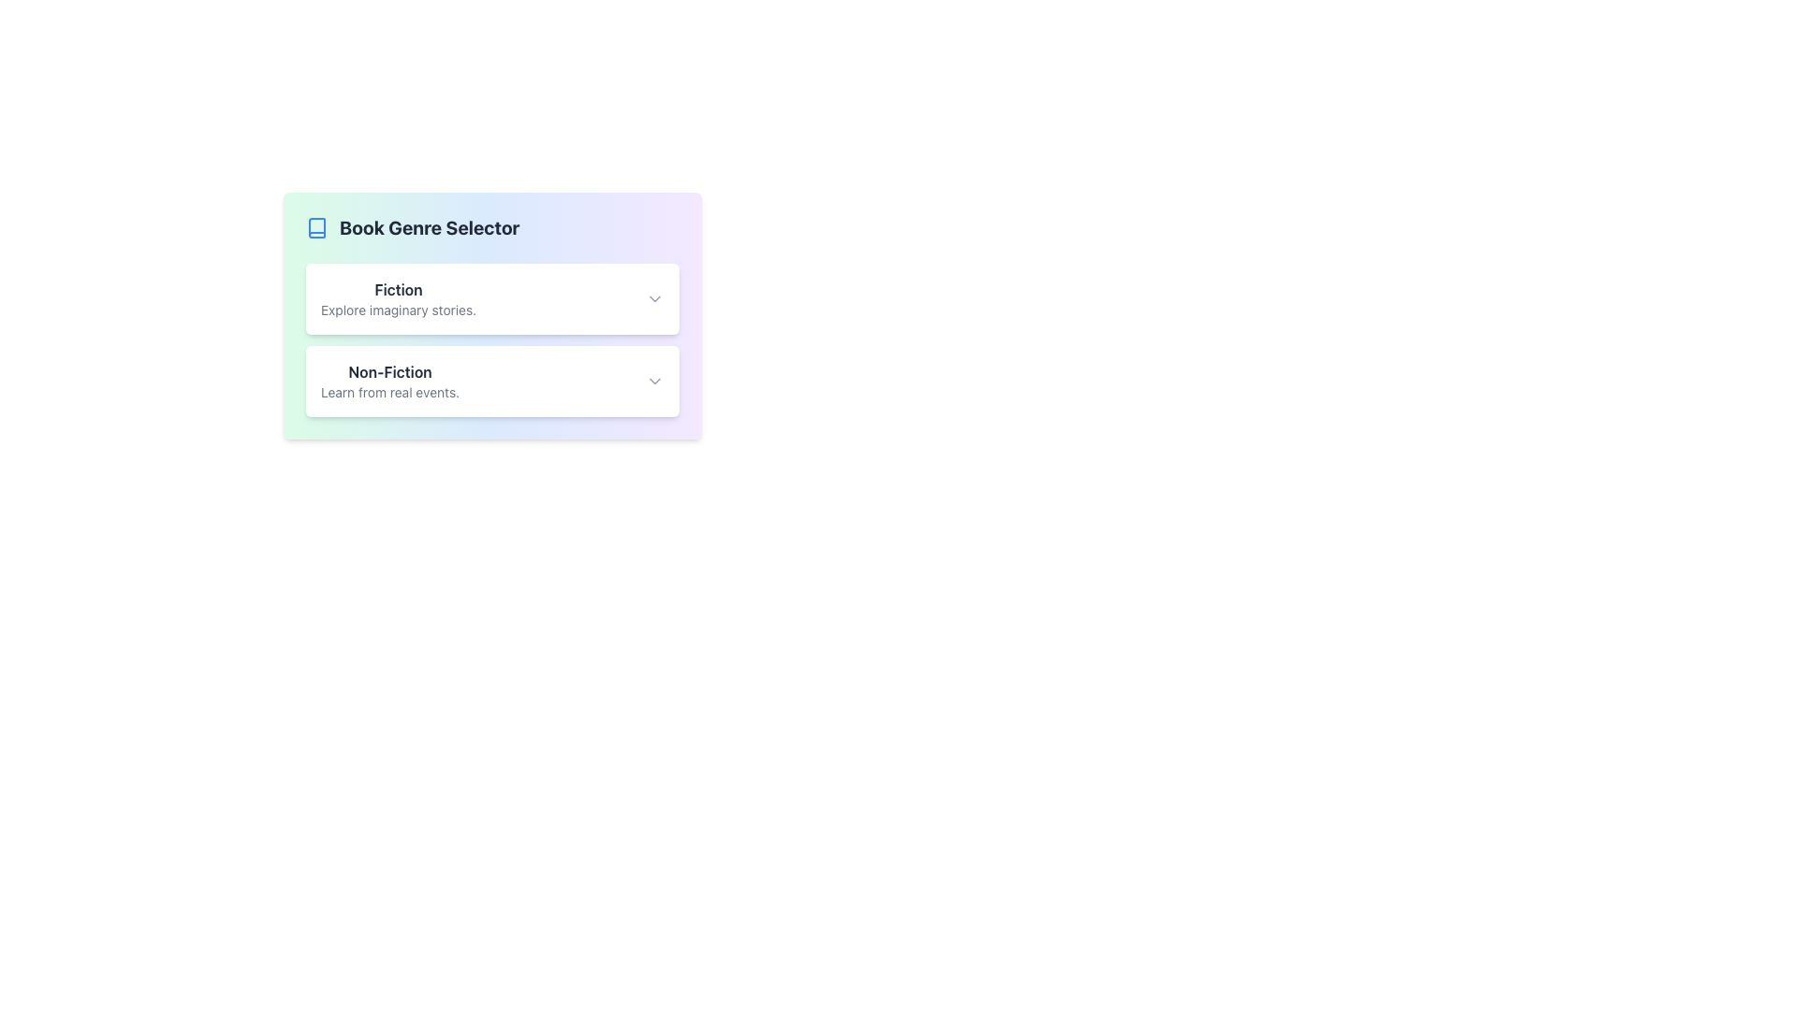  I want to click on the list item titled 'Fiction' with subtitle 'Explore imaginary stories.', so click(398, 298).